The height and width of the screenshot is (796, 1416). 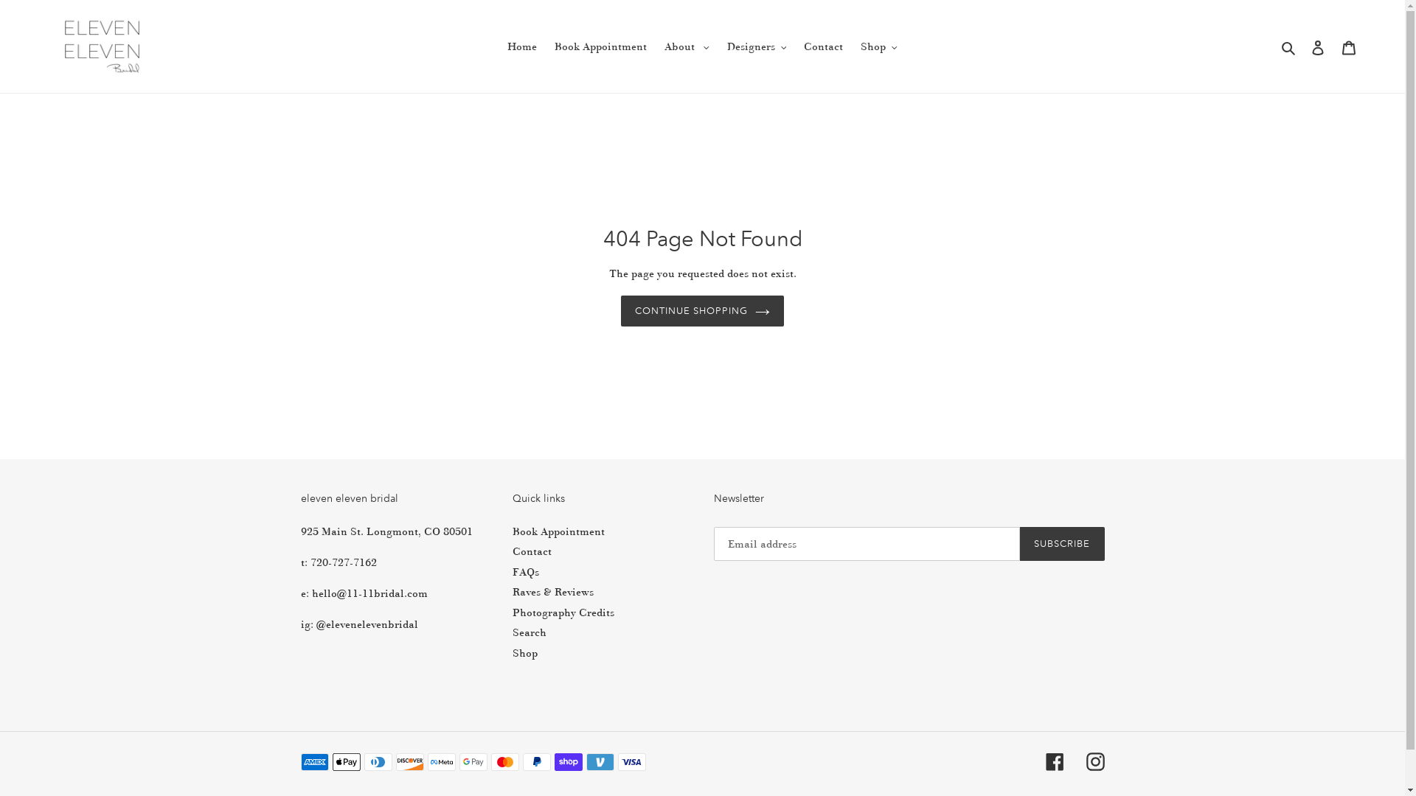 What do you see at coordinates (600, 46) in the screenshot?
I see `'Book Appointment'` at bounding box center [600, 46].